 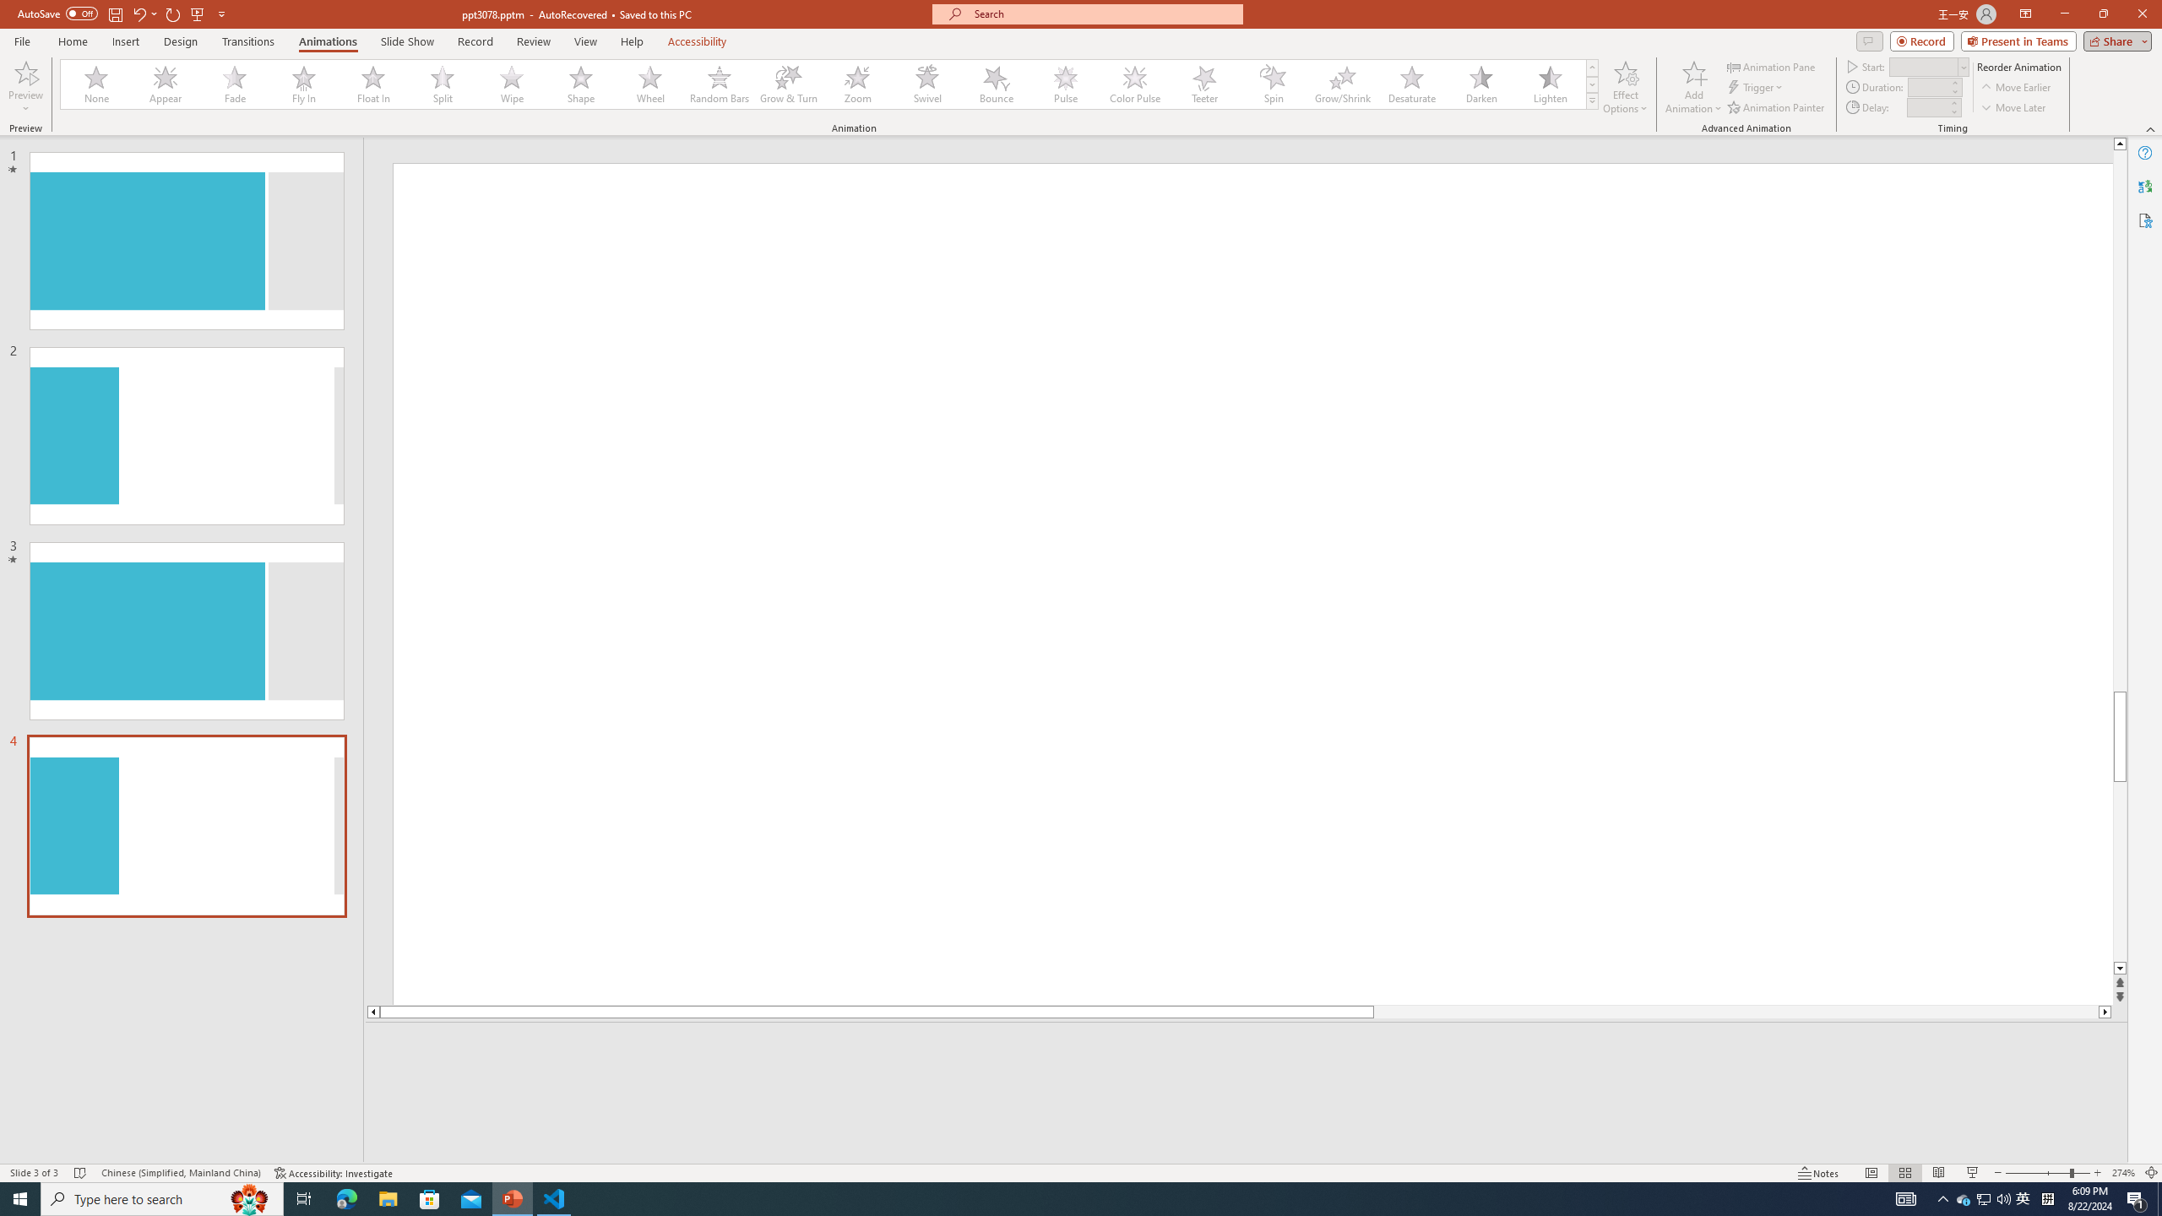 What do you see at coordinates (1203, 84) in the screenshot?
I see `'Teeter'` at bounding box center [1203, 84].